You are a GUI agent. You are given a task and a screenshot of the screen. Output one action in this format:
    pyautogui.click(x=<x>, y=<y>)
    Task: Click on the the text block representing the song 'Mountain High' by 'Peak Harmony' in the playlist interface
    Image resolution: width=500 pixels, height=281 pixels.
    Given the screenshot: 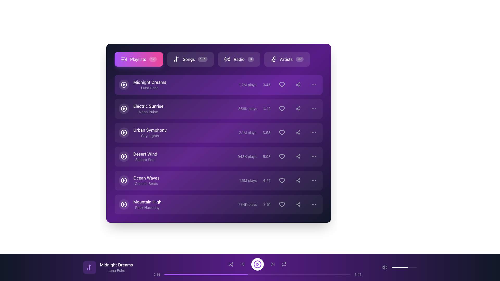 What is the action you would take?
    pyautogui.click(x=140, y=204)
    